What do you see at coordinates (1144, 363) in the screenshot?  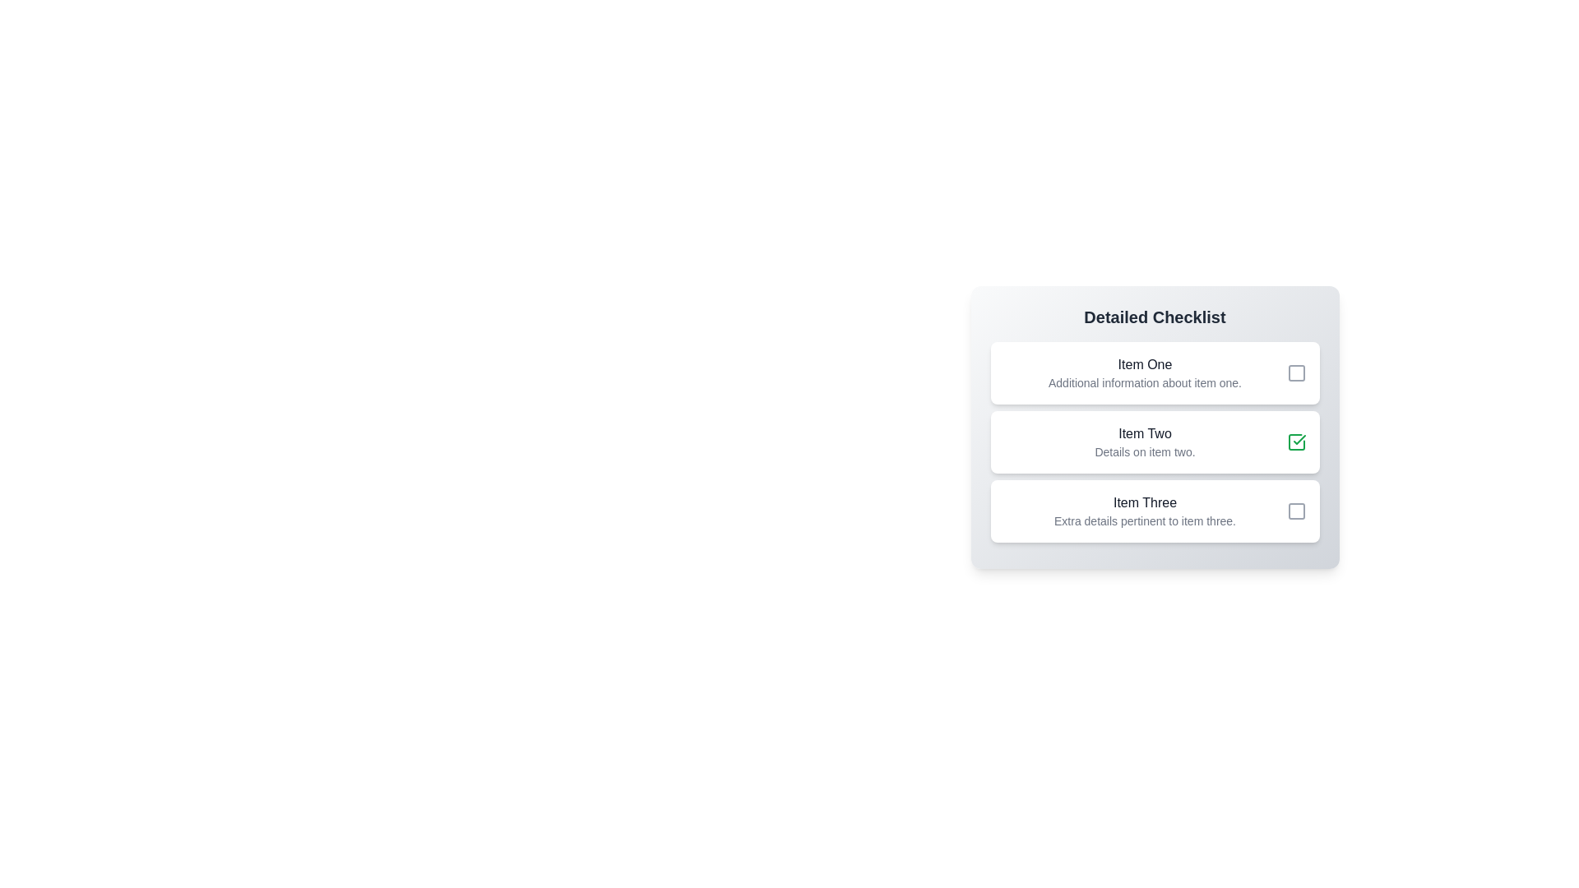 I see `the static text element that serves as the title for the first list item in the 'Detailed Checklist' interface, located above the supporting detail text 'Additional information about item one'` at bounding box center [1144, 363].